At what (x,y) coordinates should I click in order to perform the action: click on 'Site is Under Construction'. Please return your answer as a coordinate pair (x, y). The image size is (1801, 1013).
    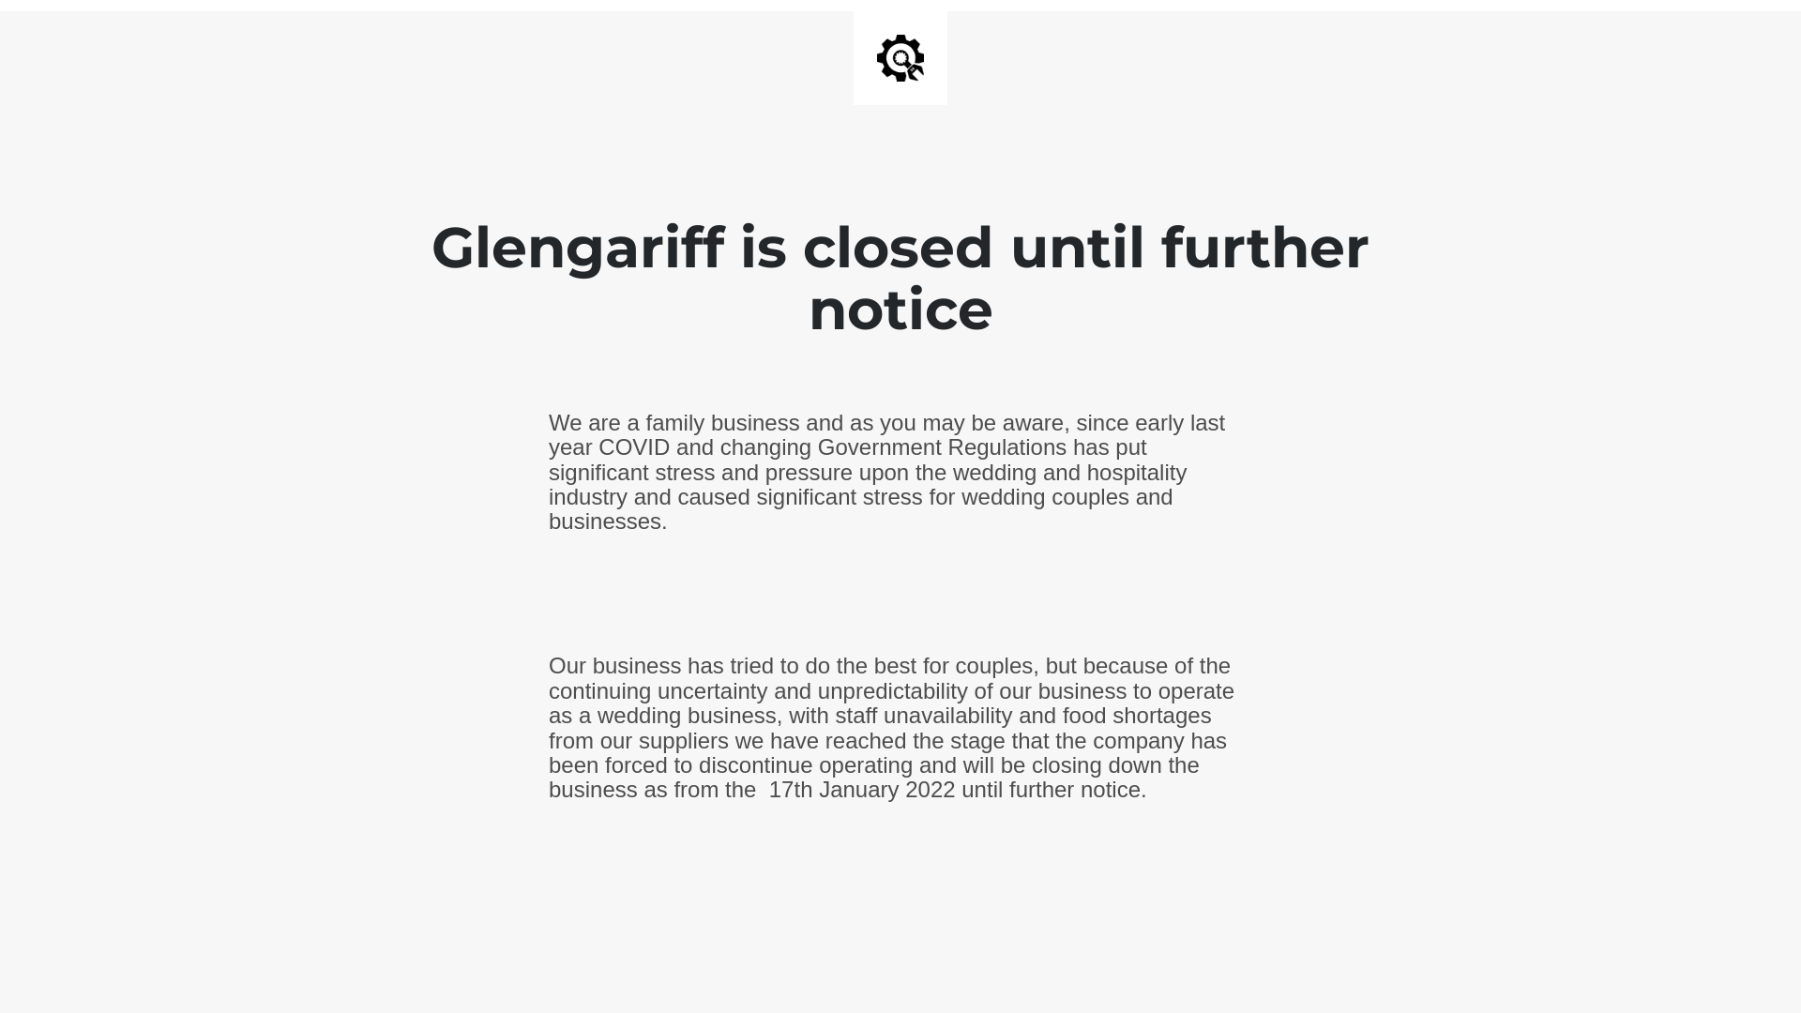
    Looking at the image, I should click on (876, 56).